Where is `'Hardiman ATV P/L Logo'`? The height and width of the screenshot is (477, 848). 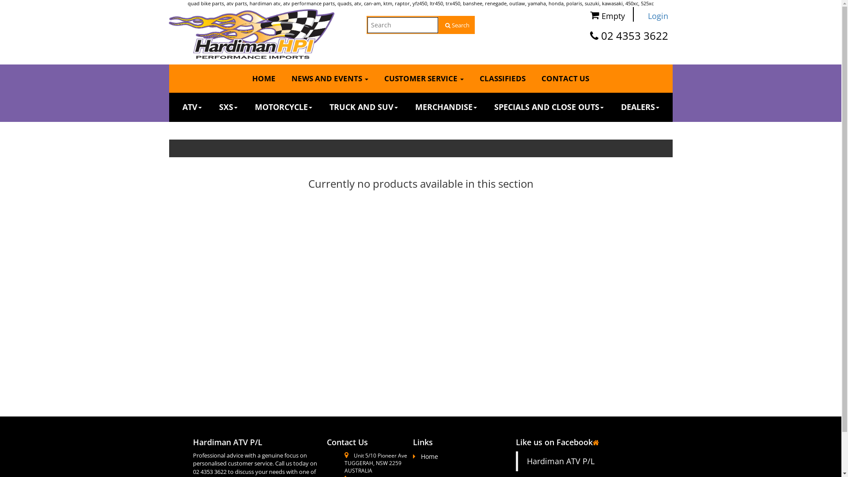 'Hardiman ATV P/L Logo' is located at coordinates (251, 33).